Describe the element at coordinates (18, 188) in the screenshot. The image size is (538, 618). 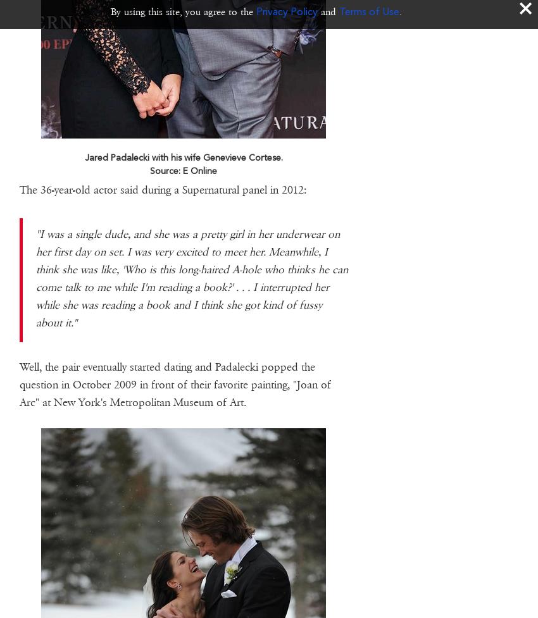
I see `'The 36-year-old actor said during a Supernatural panel in 2012:'` at that location.